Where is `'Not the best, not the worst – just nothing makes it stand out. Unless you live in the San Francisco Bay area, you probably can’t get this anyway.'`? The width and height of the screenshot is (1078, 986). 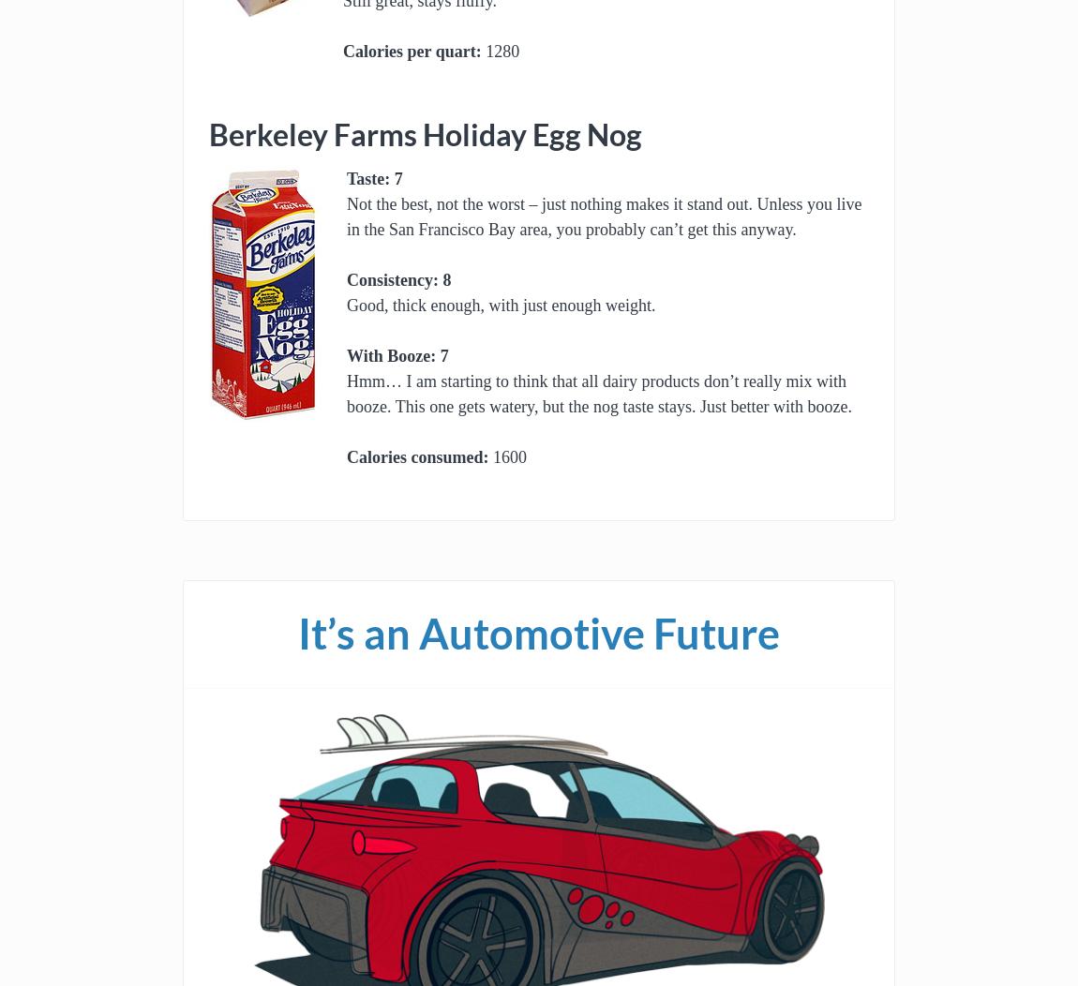
'Not the best, not the worst – just nothing makes it stand out. Unless you live in the San Francisco Bay area, you probably can’t get this anyway.' is located at coordinates (603, 216).